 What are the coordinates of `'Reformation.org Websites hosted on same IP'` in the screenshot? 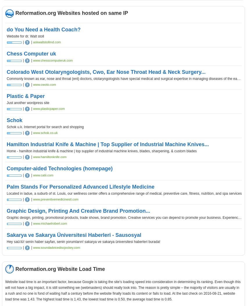 It's located at (71, 13).